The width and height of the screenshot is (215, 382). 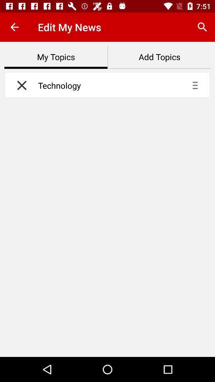 I want to click on item next to the technology, so click(x=20, y=85).